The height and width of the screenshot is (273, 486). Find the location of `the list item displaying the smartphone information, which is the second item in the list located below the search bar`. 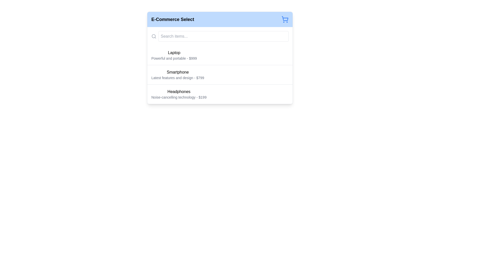

the list item displaying the smartphone information, which is the second item in the list located below the search bar is located at coordinates (220, 75).